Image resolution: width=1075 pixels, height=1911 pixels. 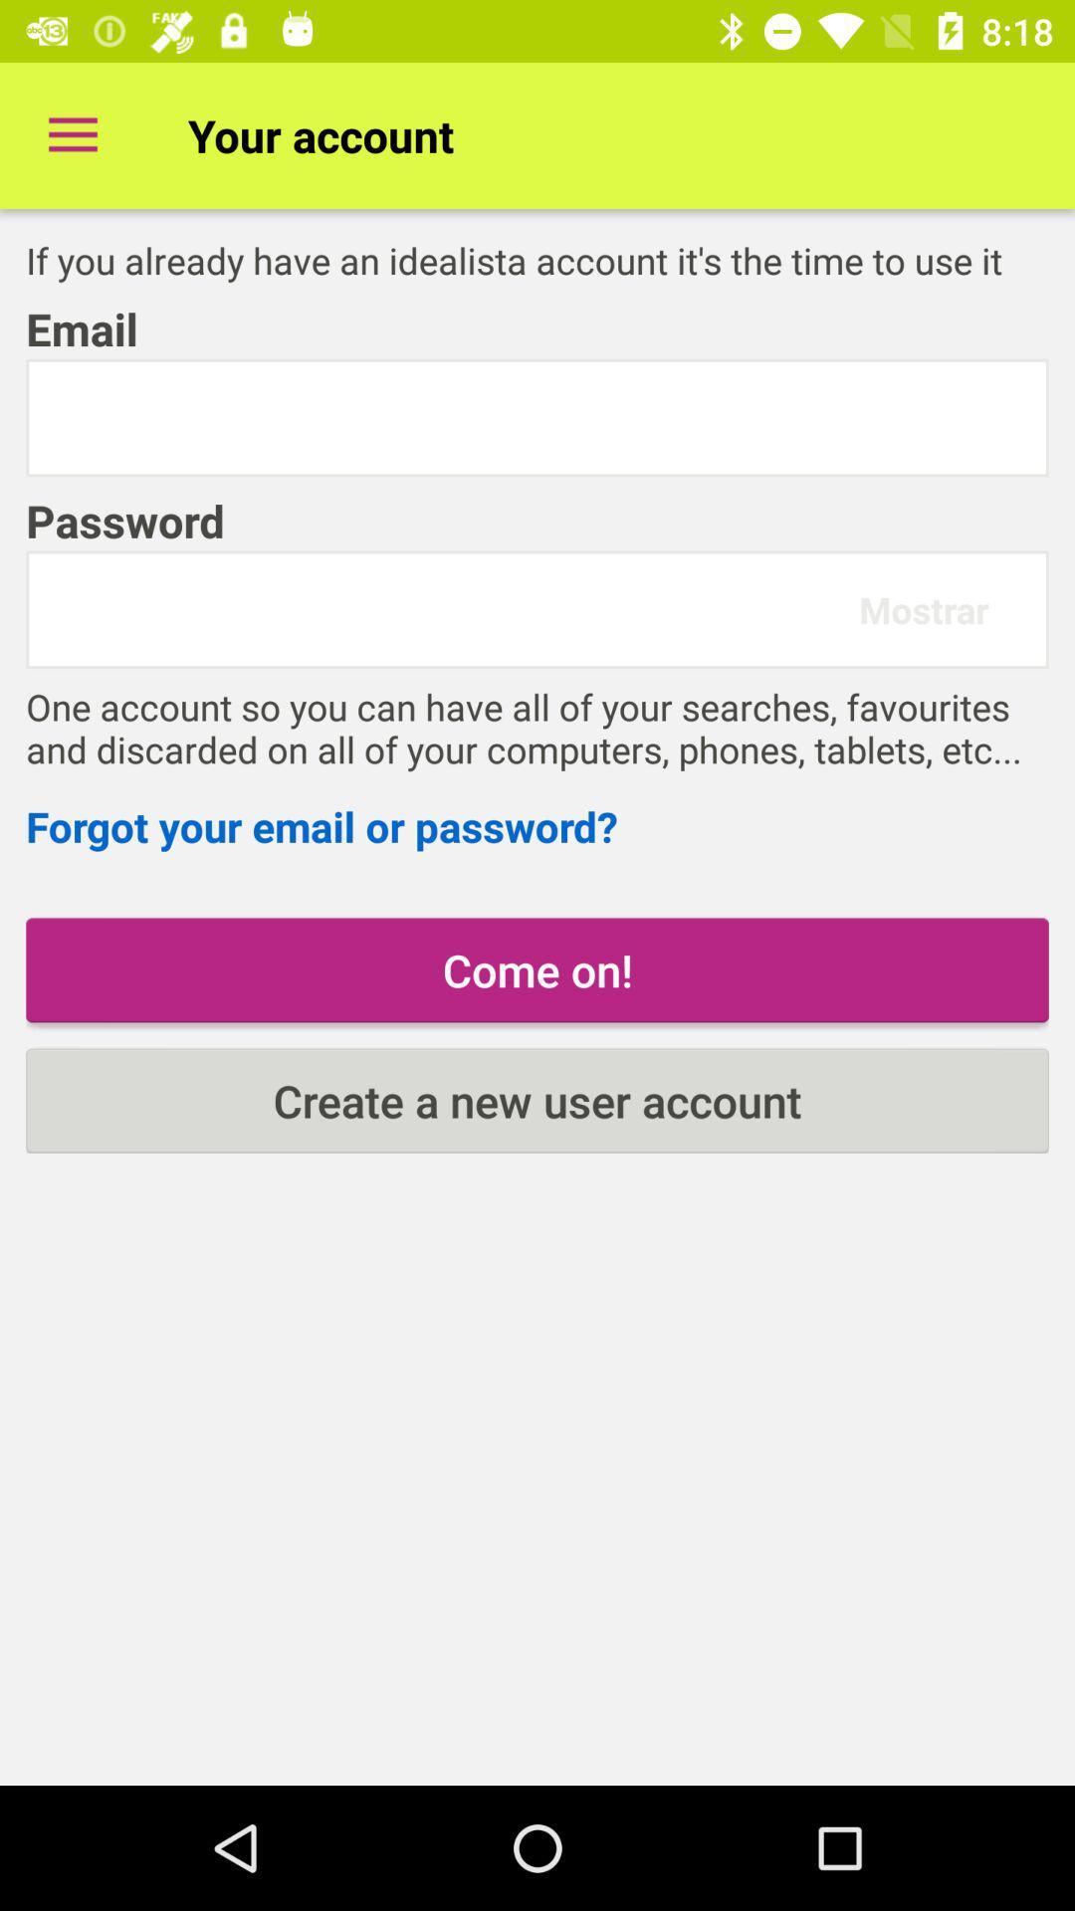 I want to click on the icon above the come on! item, so click(x=537, y=826).